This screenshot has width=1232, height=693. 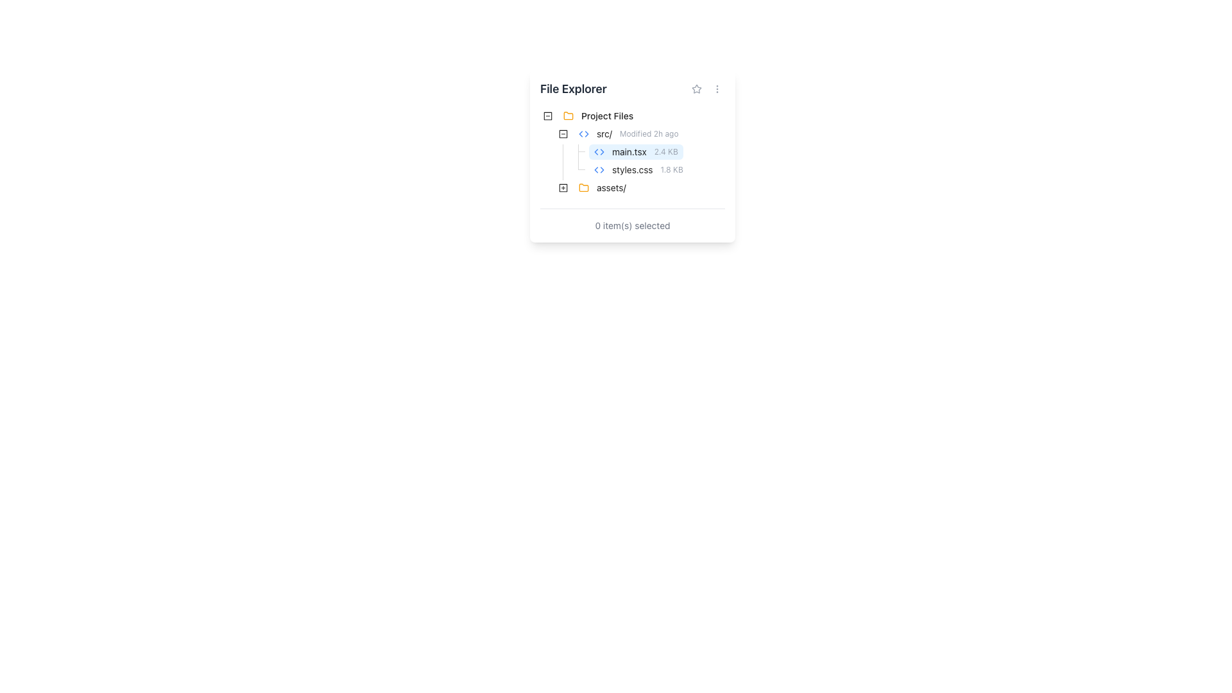 What do you see at coordinates (563, 188) in the screenshot?
I see `the tree view expander icon located to the left of the 'assets/' folder label` at bounding box center [563, 188].